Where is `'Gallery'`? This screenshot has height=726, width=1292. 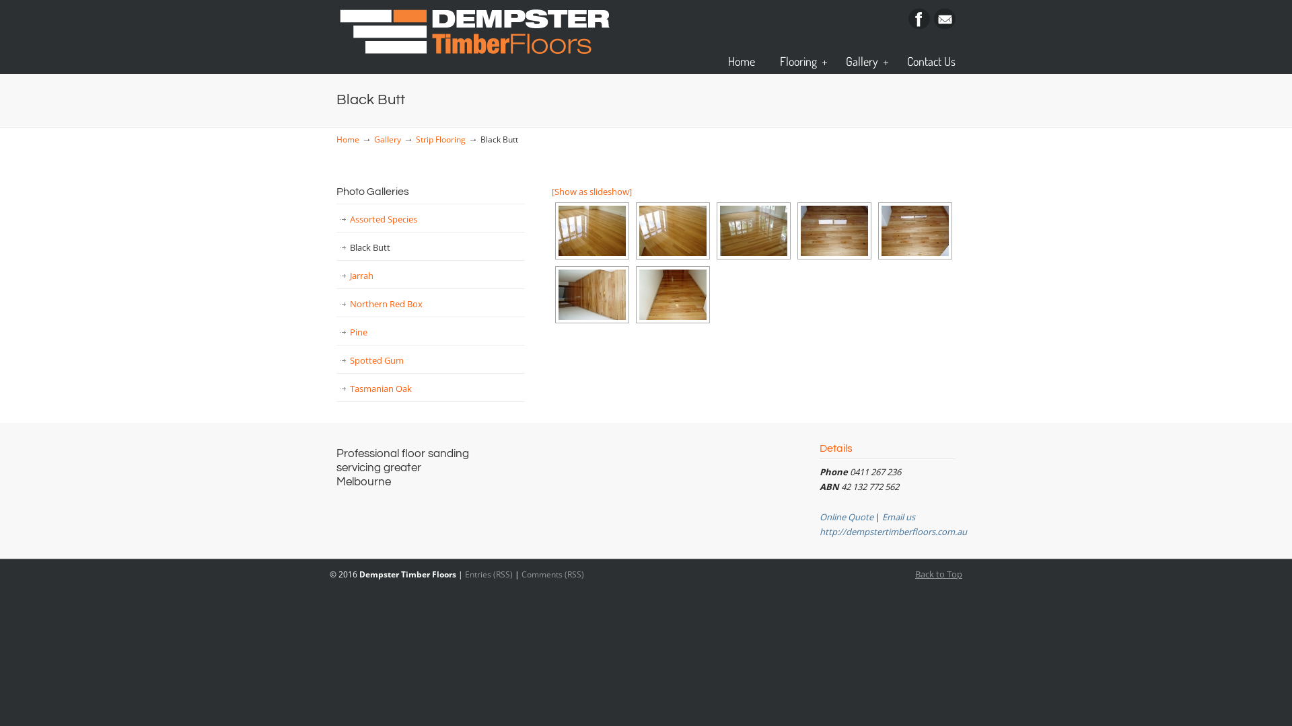
'Gallery' is located at coordinates (863, 61).